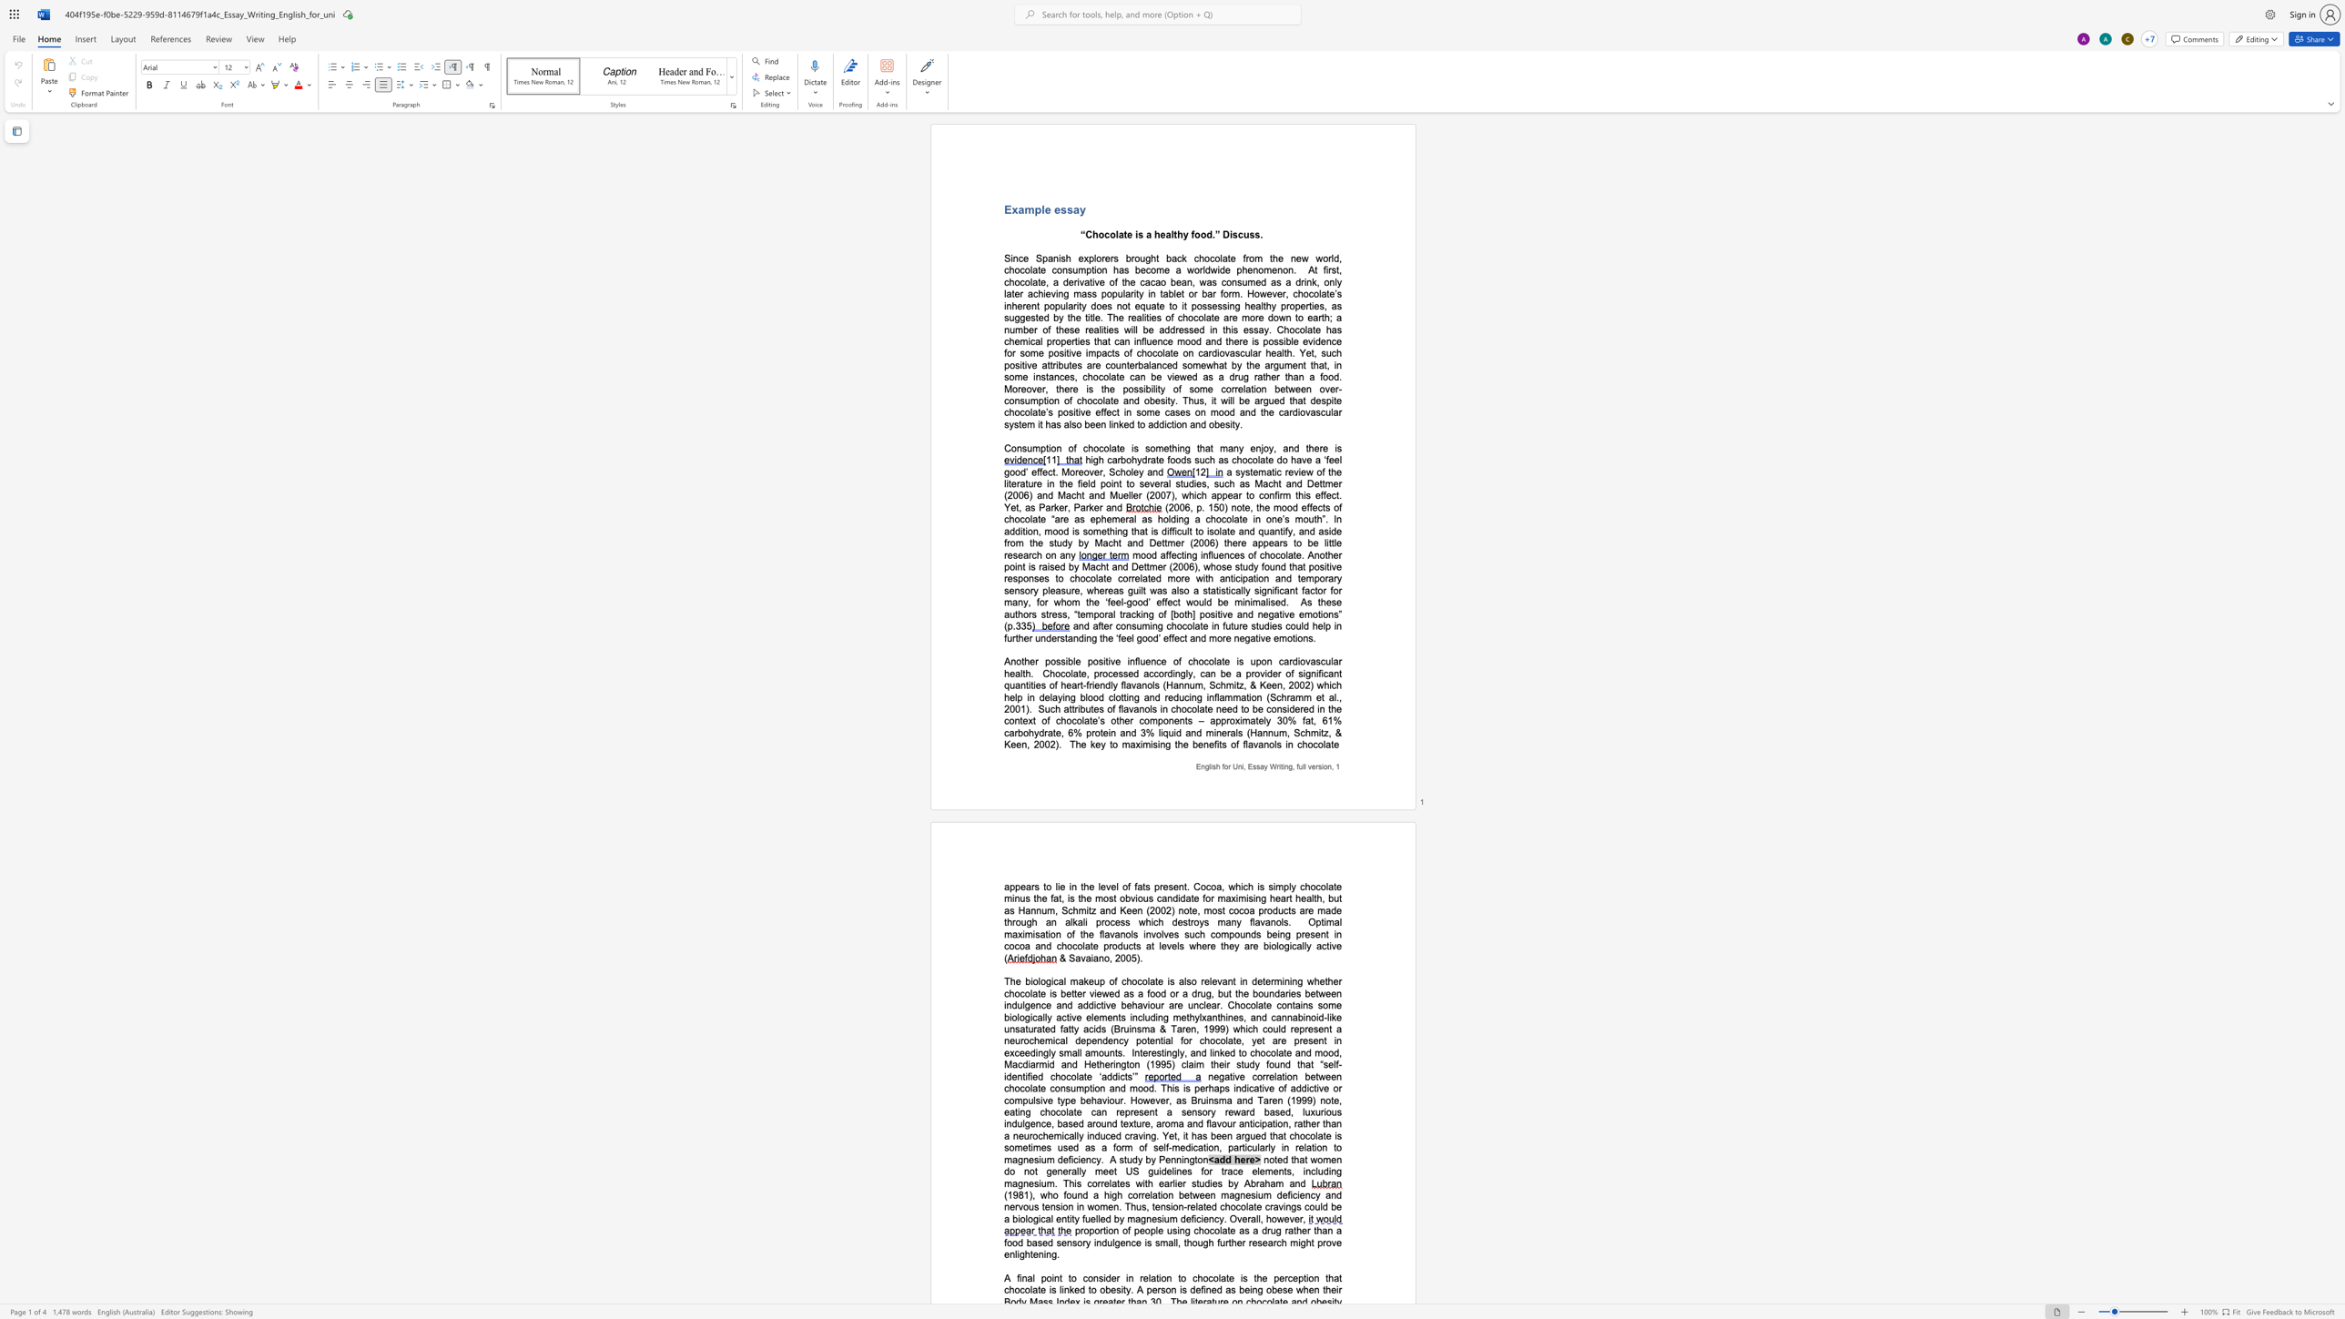 The width and height of the screenshot is (2345, 1319). What do you see at coordinates (1099, 957) in the screenshot?
I see `the space between the continuous character "a" and "n" in the text` at bounding box center [1099, 957].